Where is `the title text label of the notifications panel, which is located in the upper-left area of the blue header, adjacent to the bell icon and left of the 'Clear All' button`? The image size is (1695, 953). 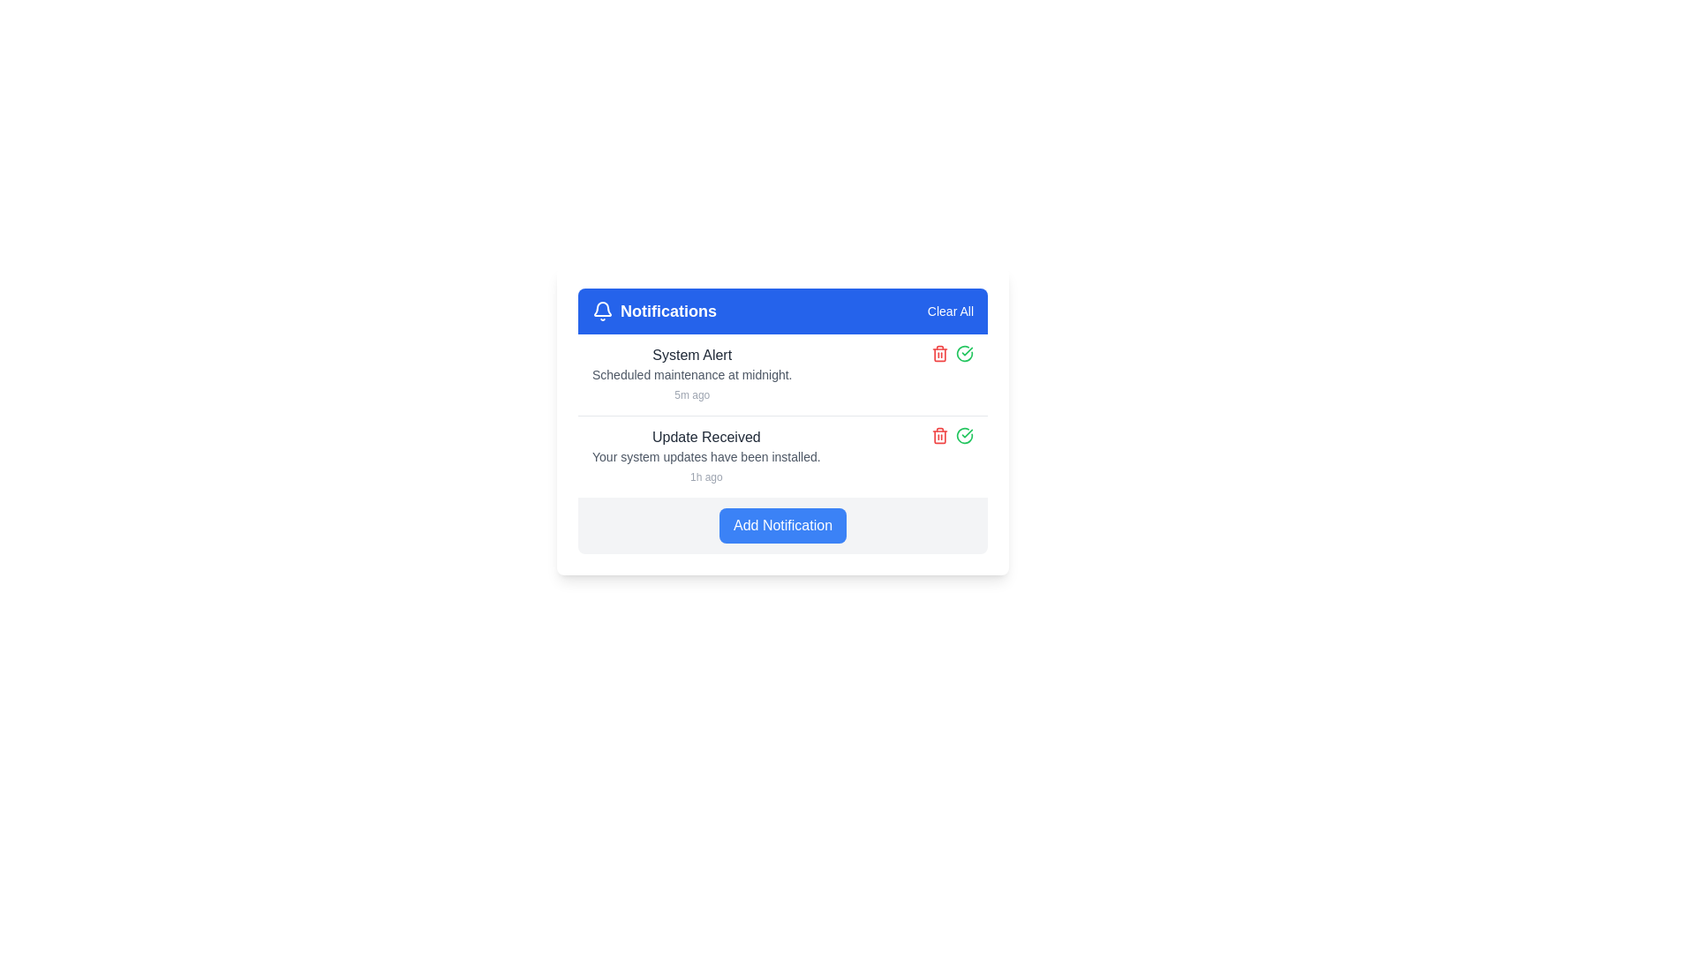 the title text label of the notifications panel, which is located in the upper-left area of the blue header, adjacent to the bell icon and left of the 'Clear All' button is located at coordinates (653, 311).